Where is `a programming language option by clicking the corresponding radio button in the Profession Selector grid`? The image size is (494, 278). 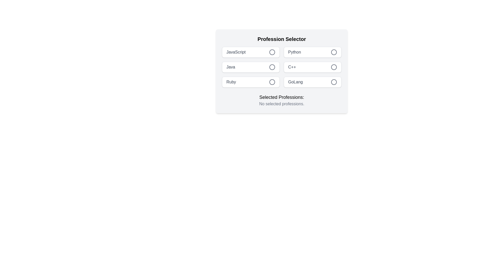 a programming language option by clicking the corresponding radio button in the Profession Selector grid is located at coordinates (281, 67).